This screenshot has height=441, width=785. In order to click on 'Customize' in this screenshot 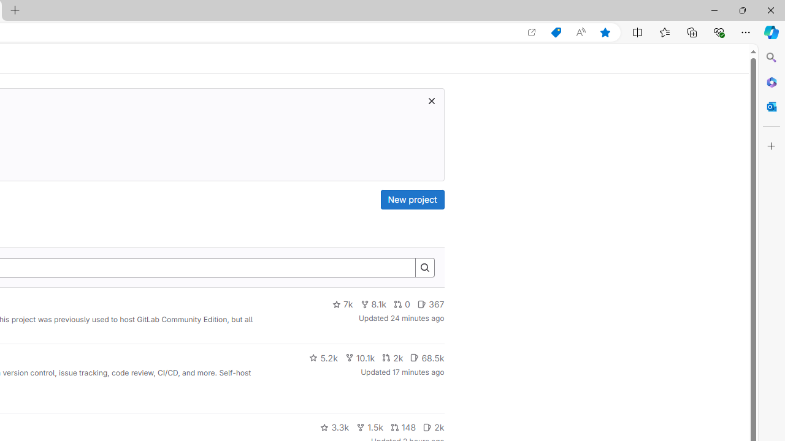, I will do `click(771, 146)`.